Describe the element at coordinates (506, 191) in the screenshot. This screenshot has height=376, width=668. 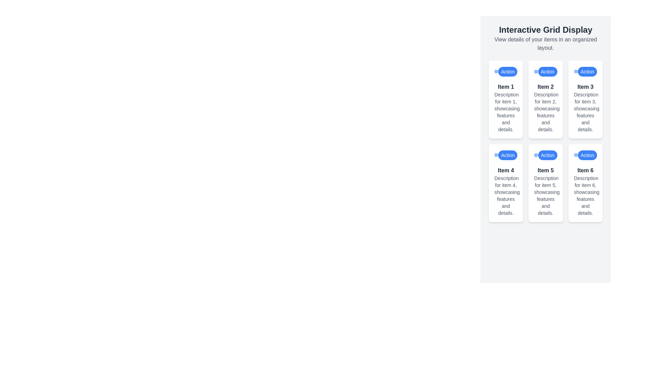
I see `the Text block containing the heading 'Item 4' and its description, which is positioned in the second row and first column of the grid layout` at that location.